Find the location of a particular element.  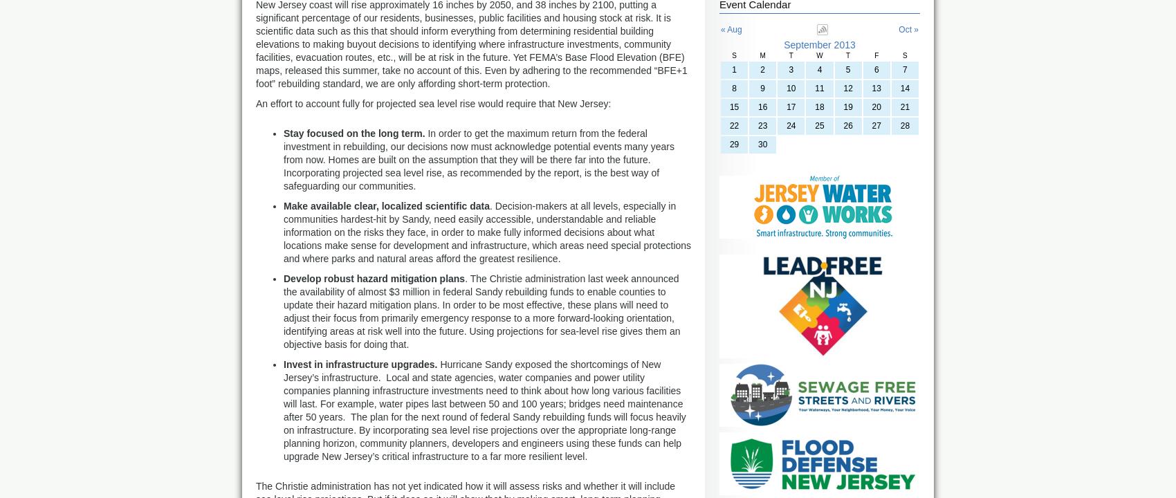

'18' is located at coordinates (818, 107).